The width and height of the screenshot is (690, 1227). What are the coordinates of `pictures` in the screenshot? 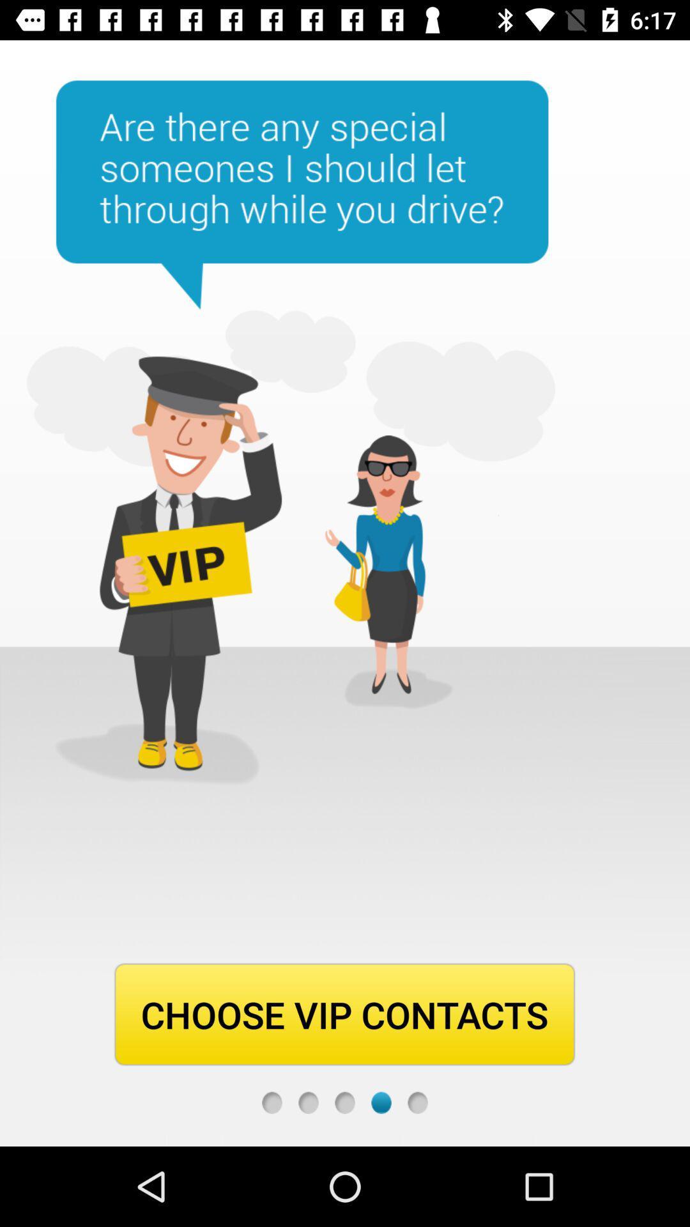 It's located at (381, 1102).